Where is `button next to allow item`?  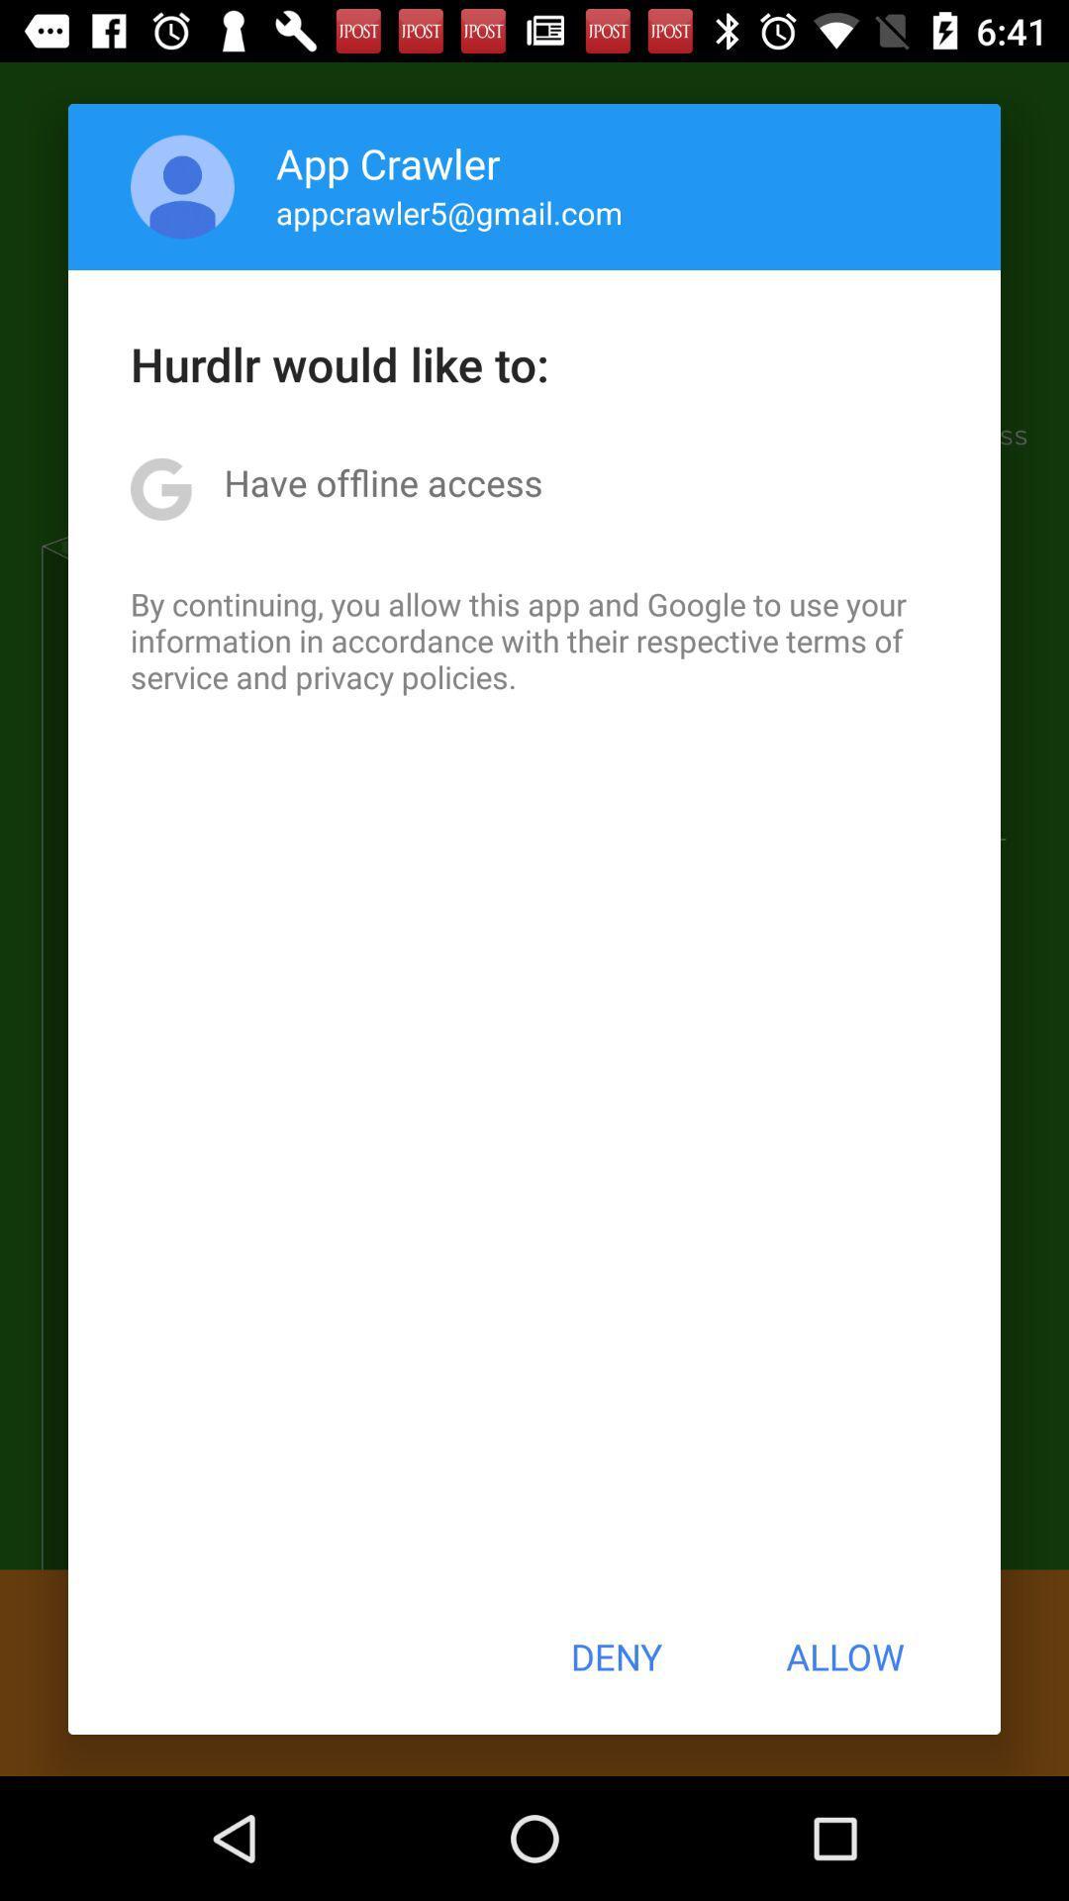
button next to allow item is located at coordinates (615, 1656).